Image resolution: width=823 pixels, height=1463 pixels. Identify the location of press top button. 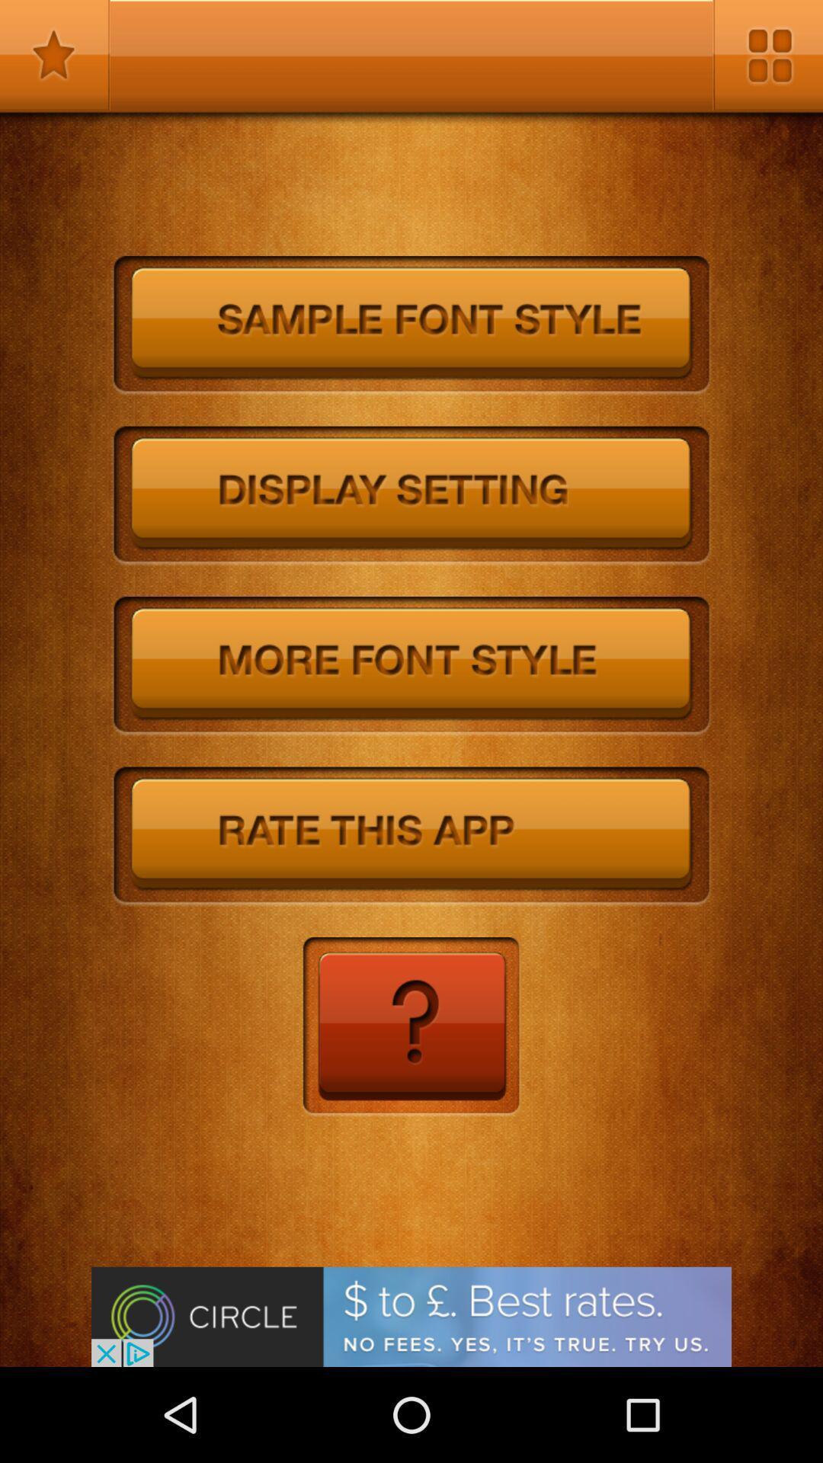
(411, 325).